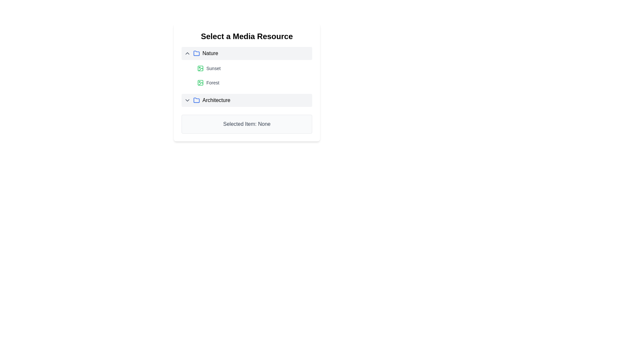 The width and height of the screenshot is (627, 352). What do you see at coordinates (210, 53) in the screenshot?
I see `the text label 'Nature', which is displayed in bold style and associated with a blue folder icon, to trigger tooltip or visual feedback` at bounding box center [210, 53].